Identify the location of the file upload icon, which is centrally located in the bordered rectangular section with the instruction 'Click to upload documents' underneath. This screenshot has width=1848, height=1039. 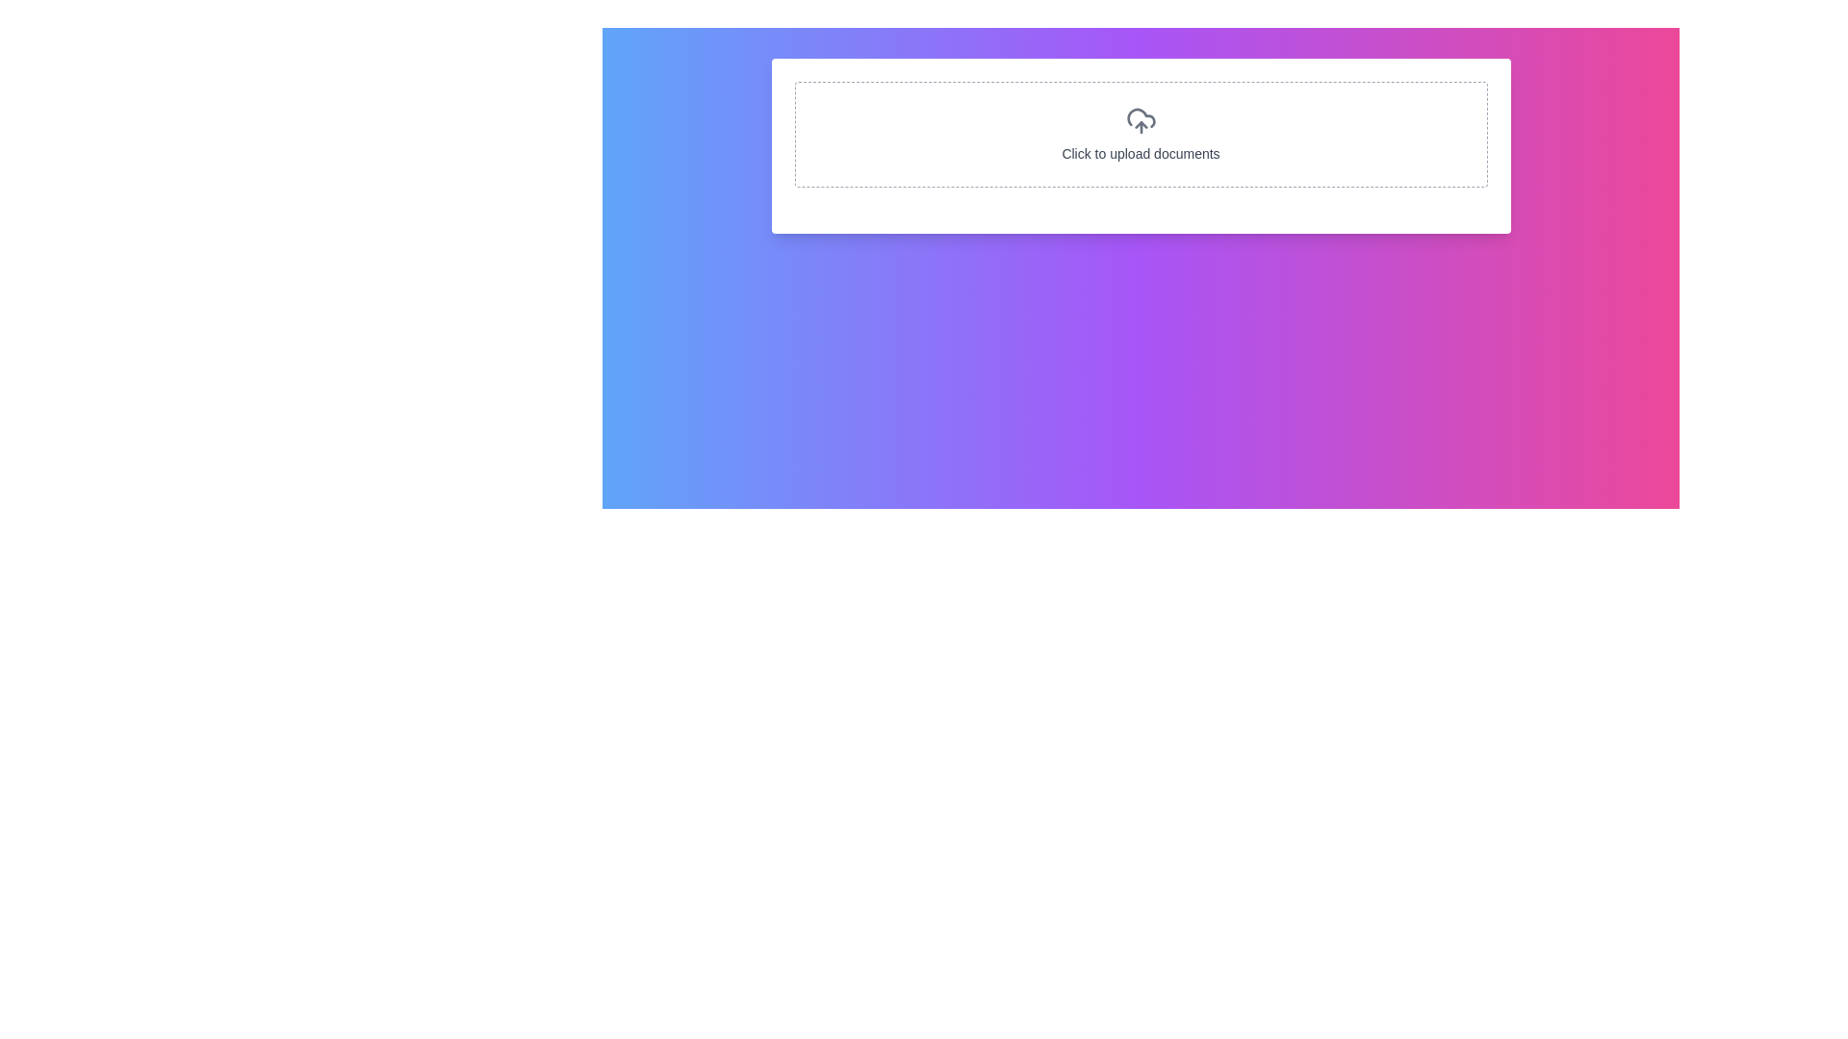
(1141, 121).